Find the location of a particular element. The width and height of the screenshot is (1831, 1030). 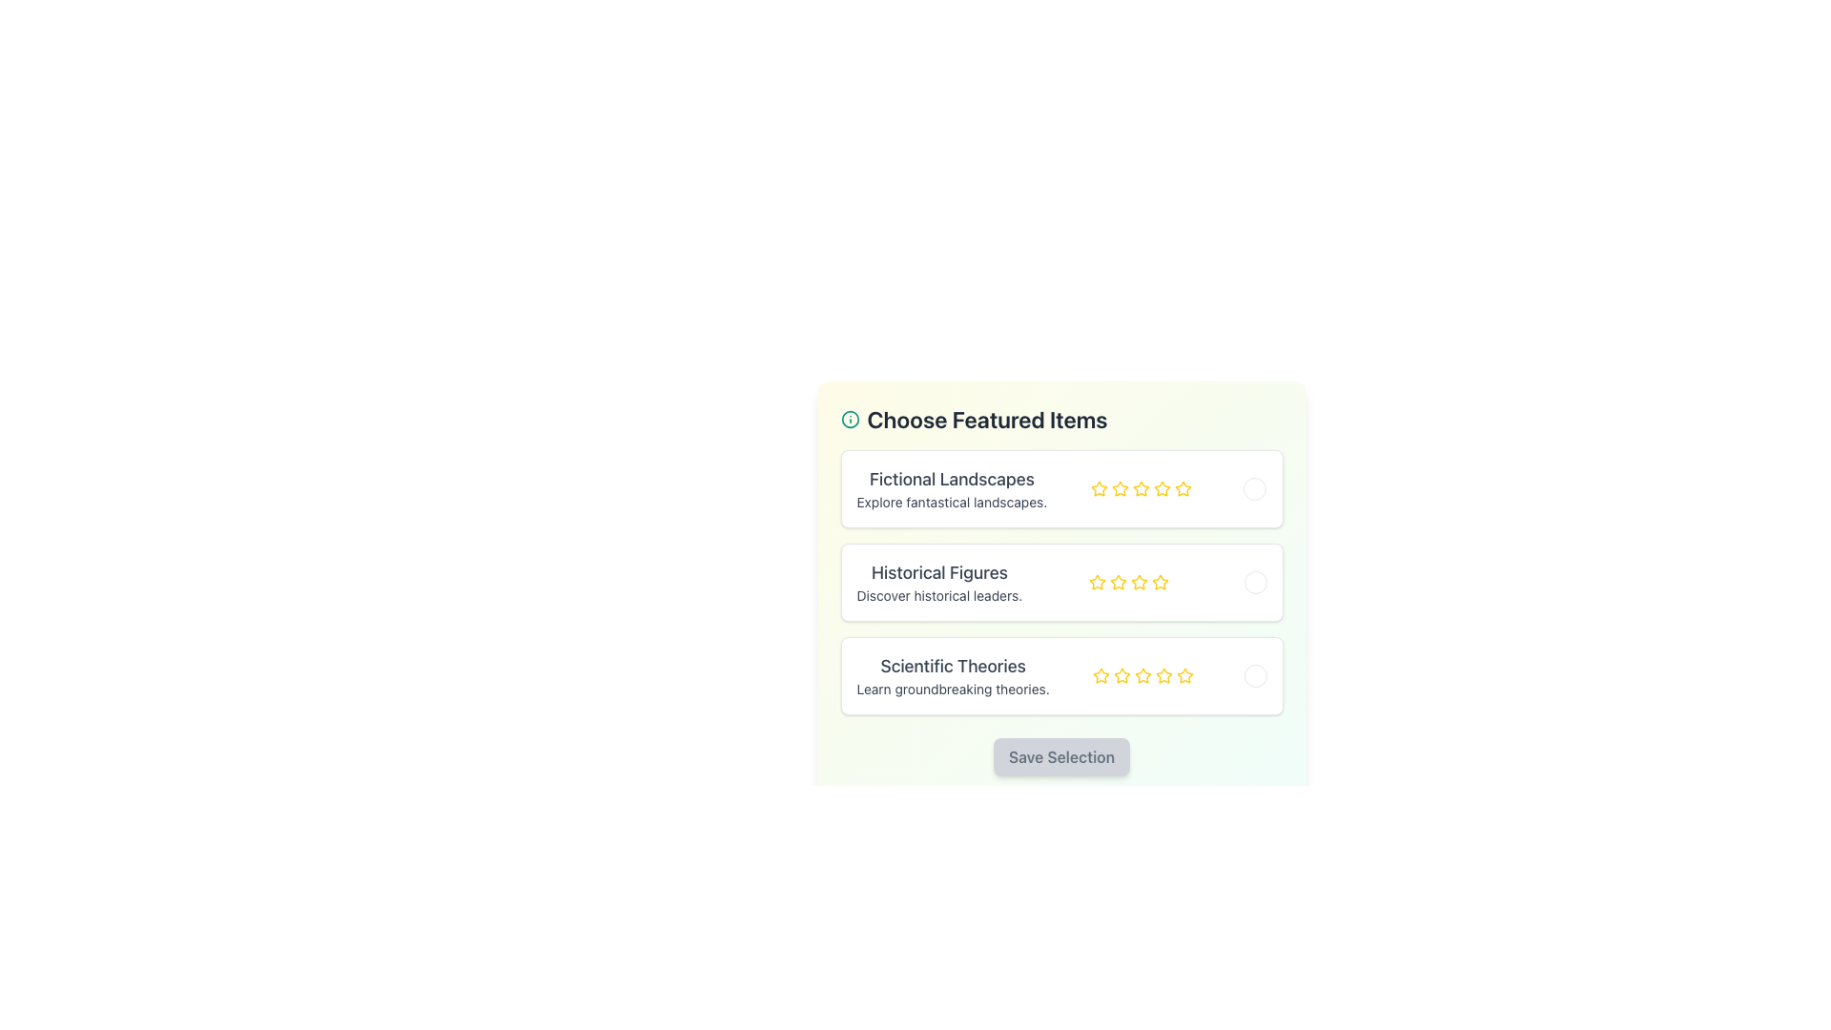

the fifth star icon with a yellow outline in the rating section of the 'Scientific Theories' list item is located at coordinates (1183, 675).